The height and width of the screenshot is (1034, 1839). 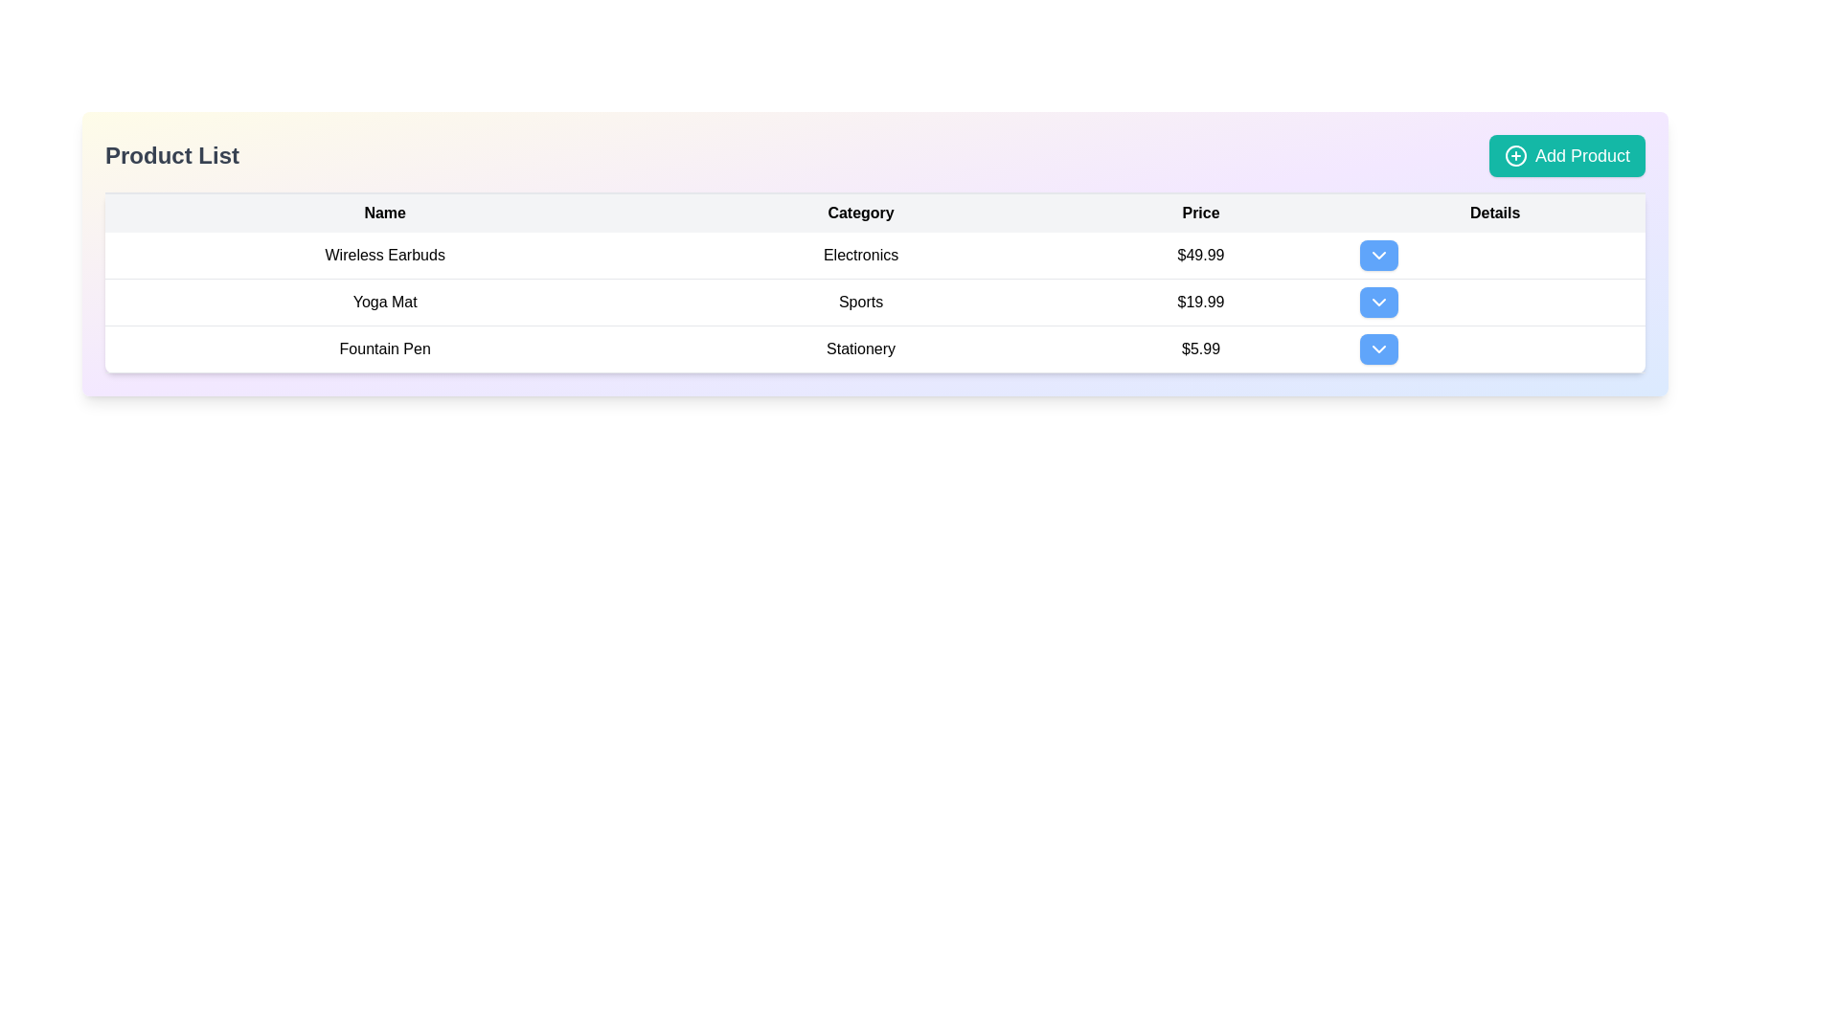 What do you see at coordinates (1379, 254) in the screenshot?
I see `the button in the first row of the table under the 'Details' header` at bounding box center [1379, 254].